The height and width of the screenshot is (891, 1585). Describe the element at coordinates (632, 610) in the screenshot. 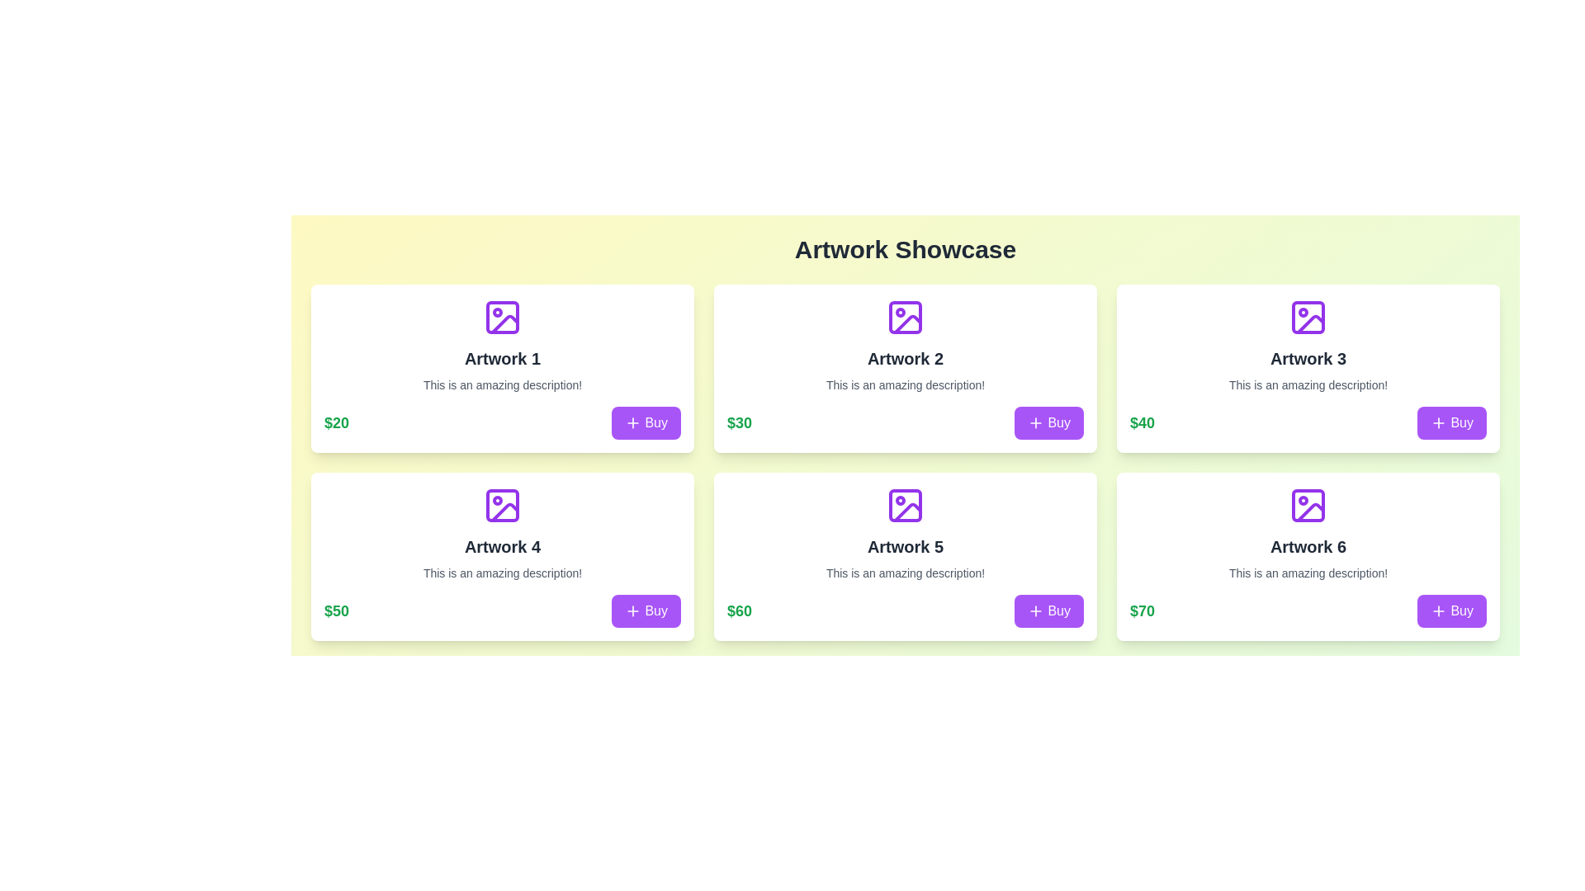

I see `the 'Buy' button icon located at the center of the 'Artwork 4' card to initiate the purchase action` at that location.